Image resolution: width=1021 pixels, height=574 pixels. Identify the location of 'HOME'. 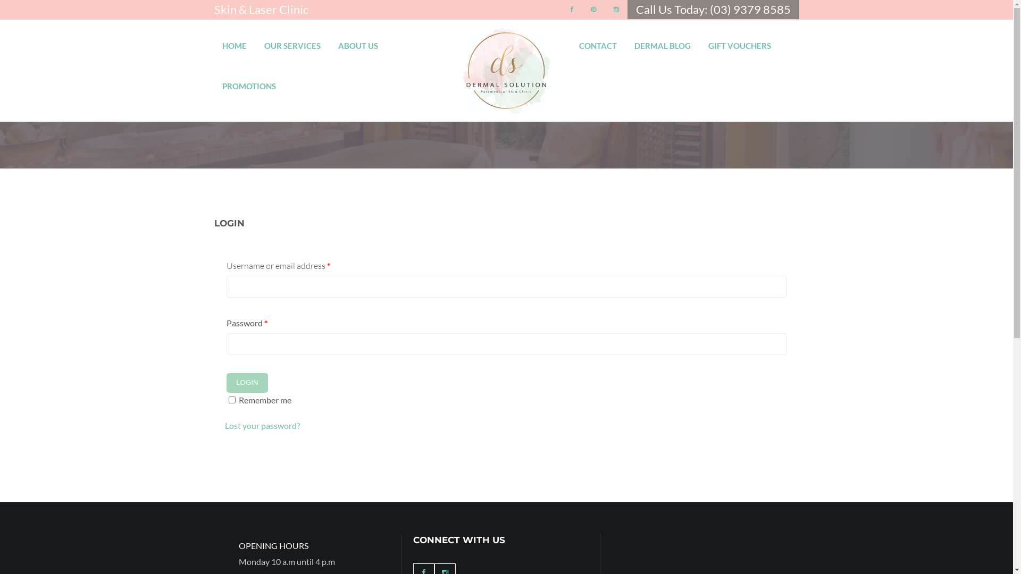
(221, 40).